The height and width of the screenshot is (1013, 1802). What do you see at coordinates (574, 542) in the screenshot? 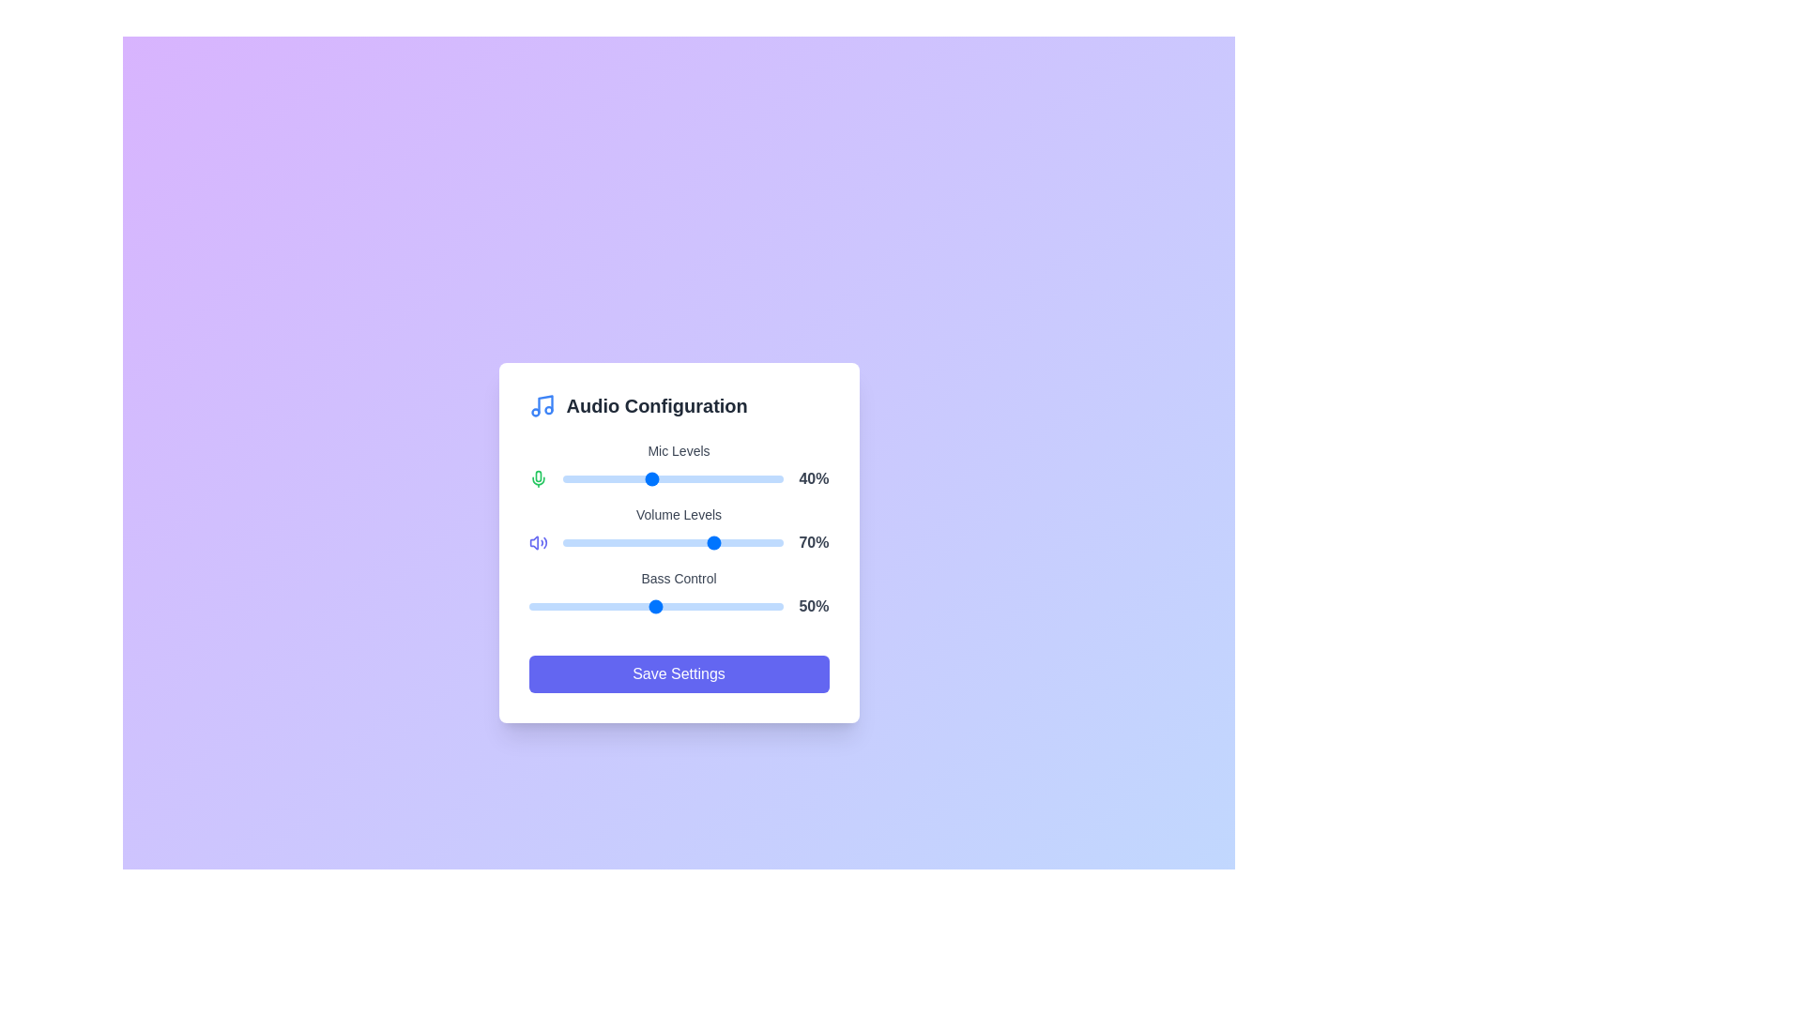
I see `the Volume Levels slider to 6% by dragging the slider` at bounding box center [574, 542].